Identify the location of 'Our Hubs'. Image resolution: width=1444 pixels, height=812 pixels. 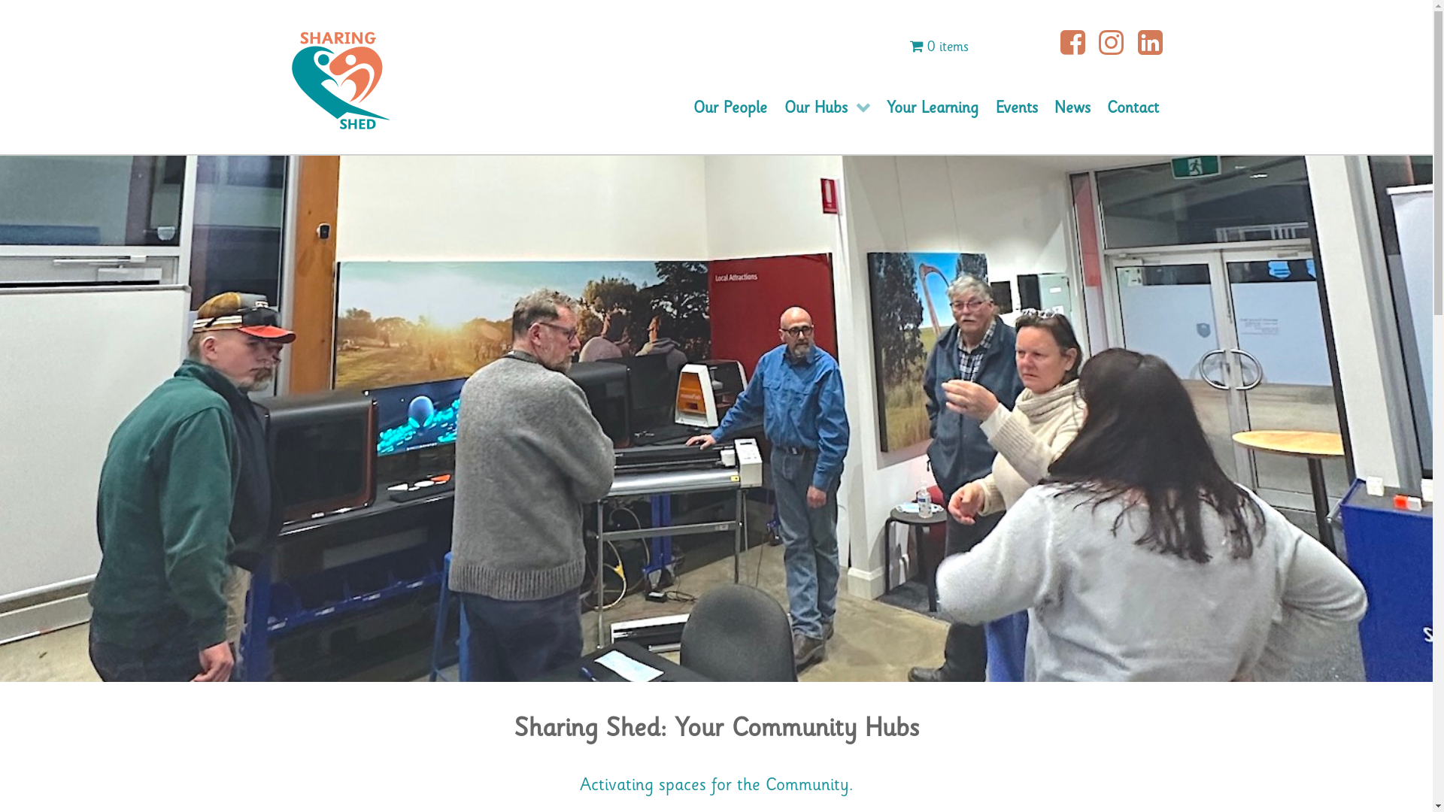
(826, 107).